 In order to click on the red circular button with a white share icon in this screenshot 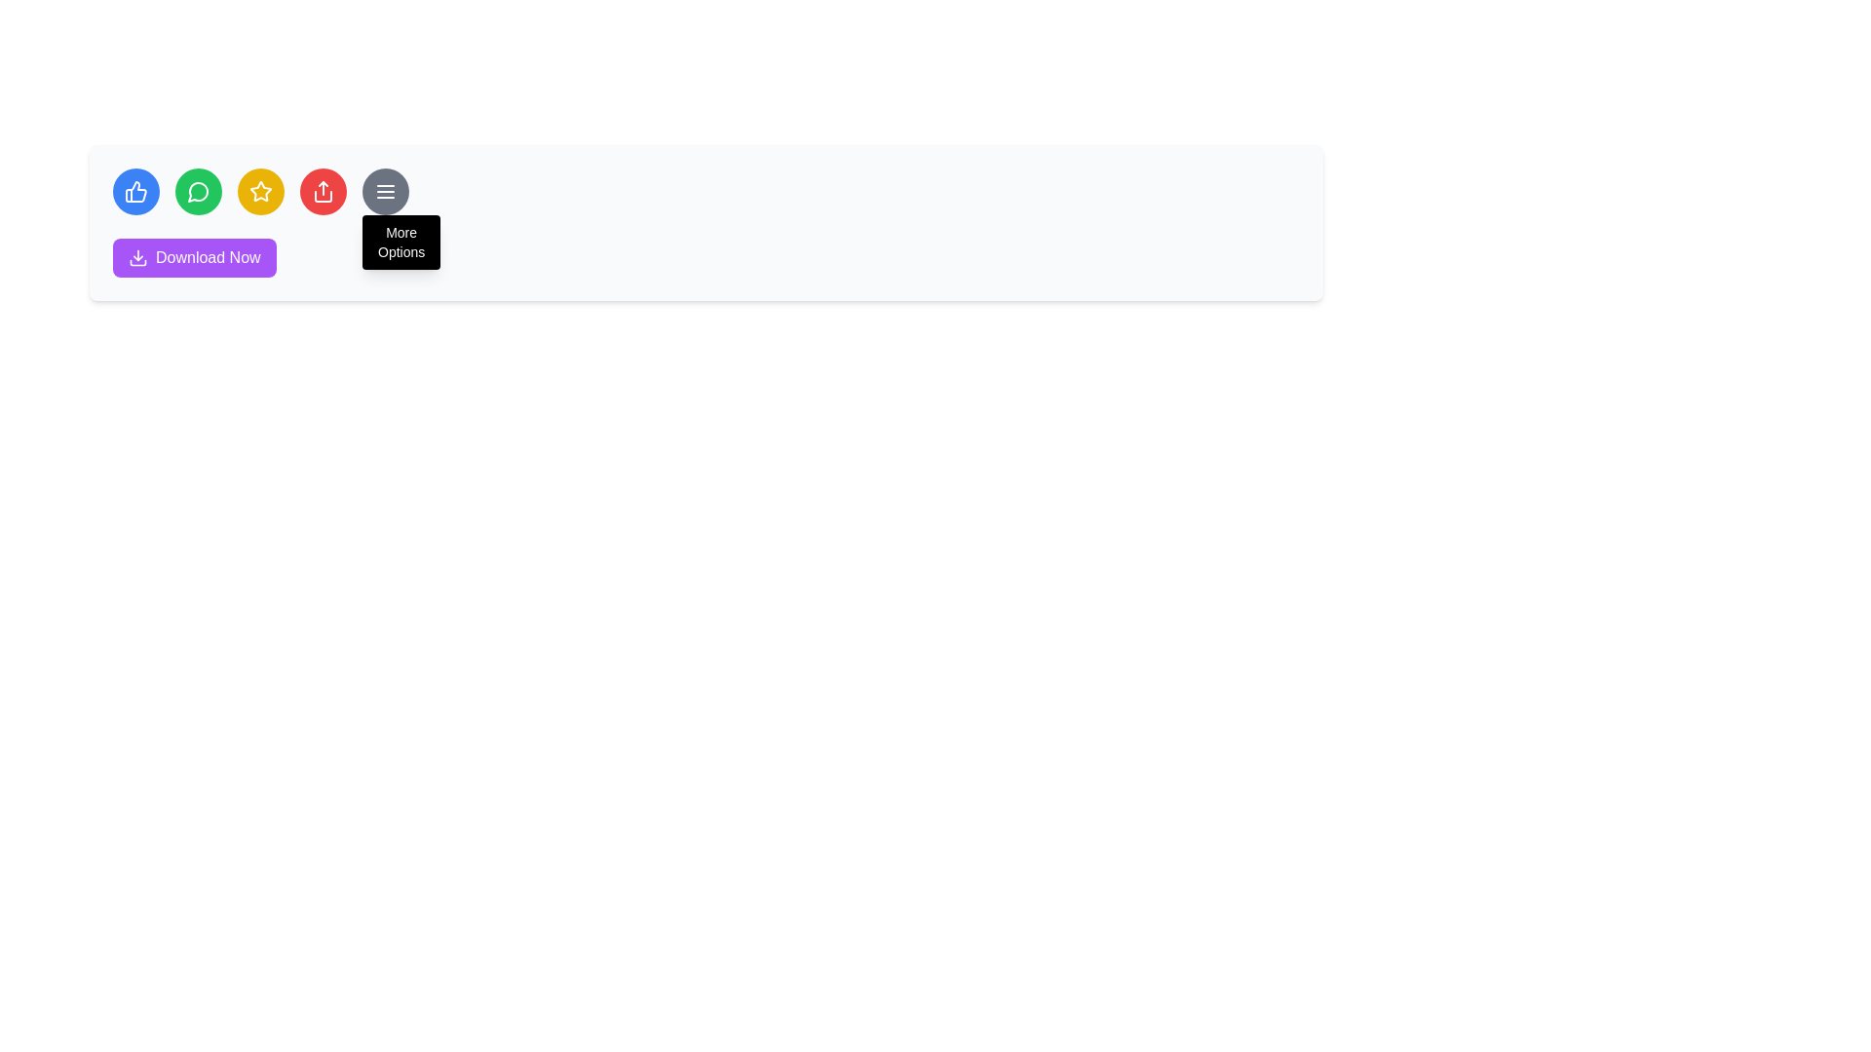, I will do `click(323, 191)`.